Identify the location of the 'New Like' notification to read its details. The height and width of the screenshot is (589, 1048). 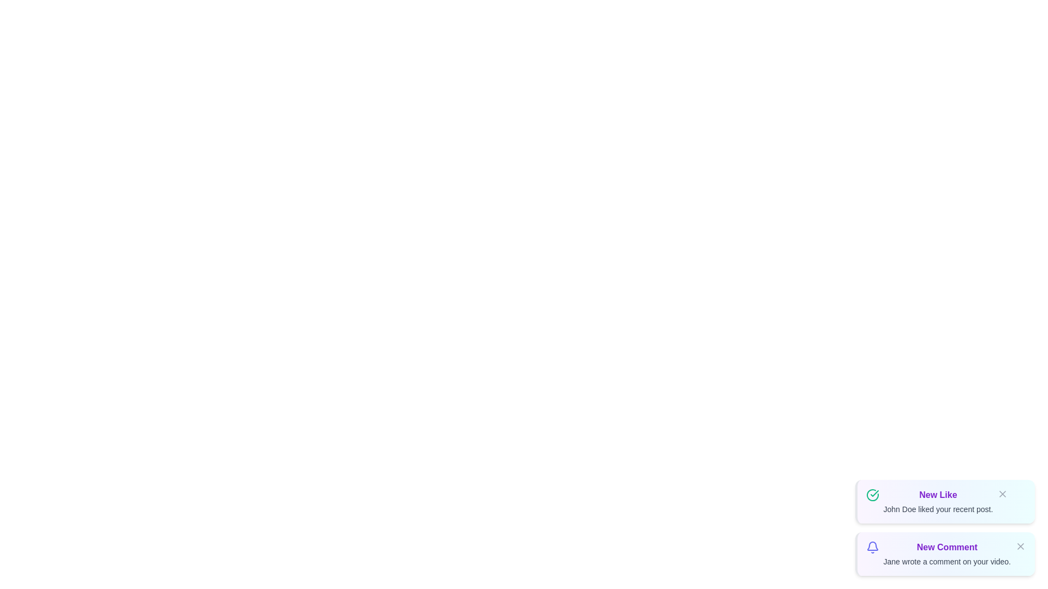
(944, 502).